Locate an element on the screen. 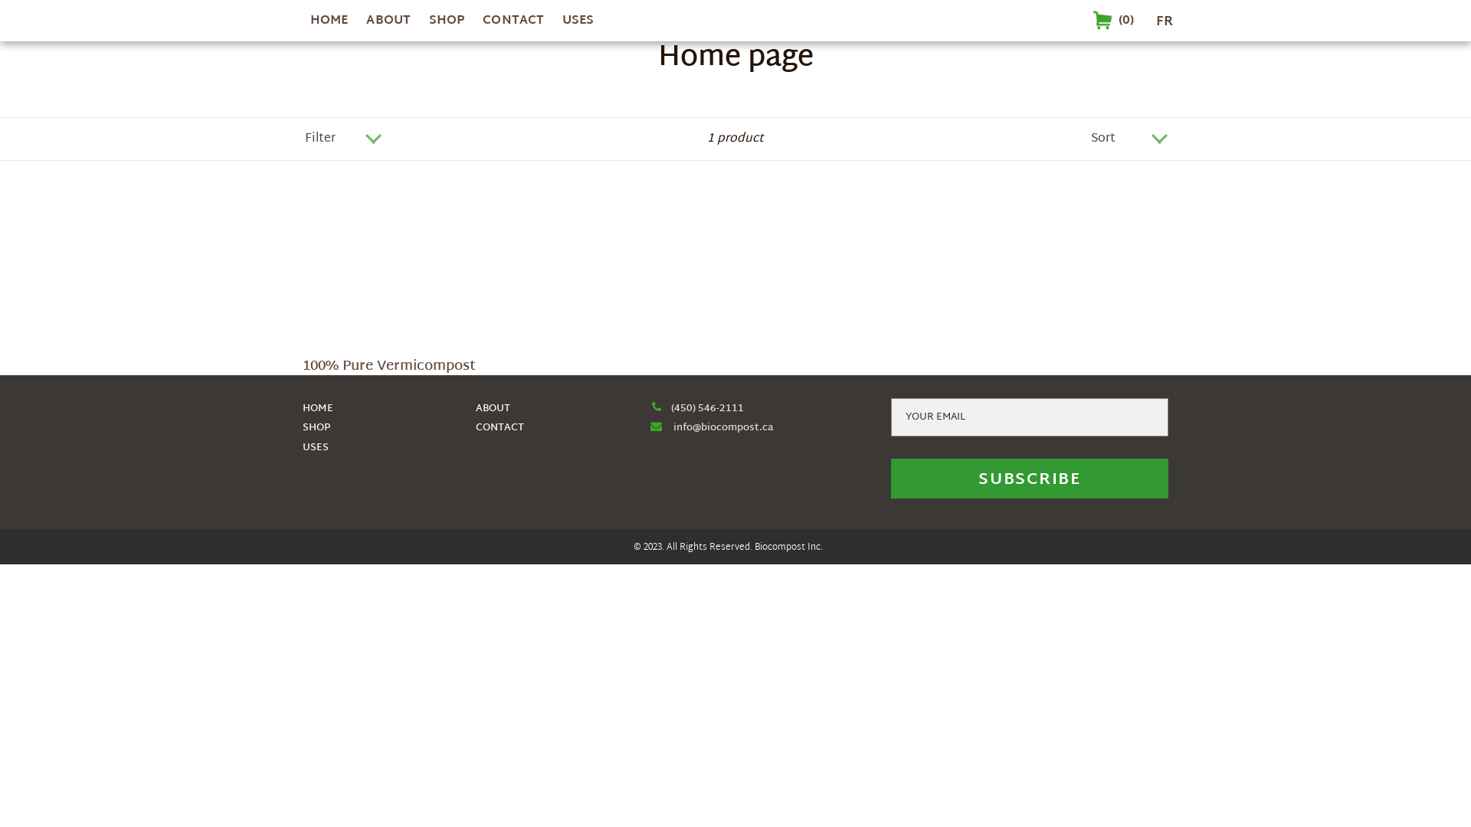  'Biocompost' is located at coordinates (753, 546).